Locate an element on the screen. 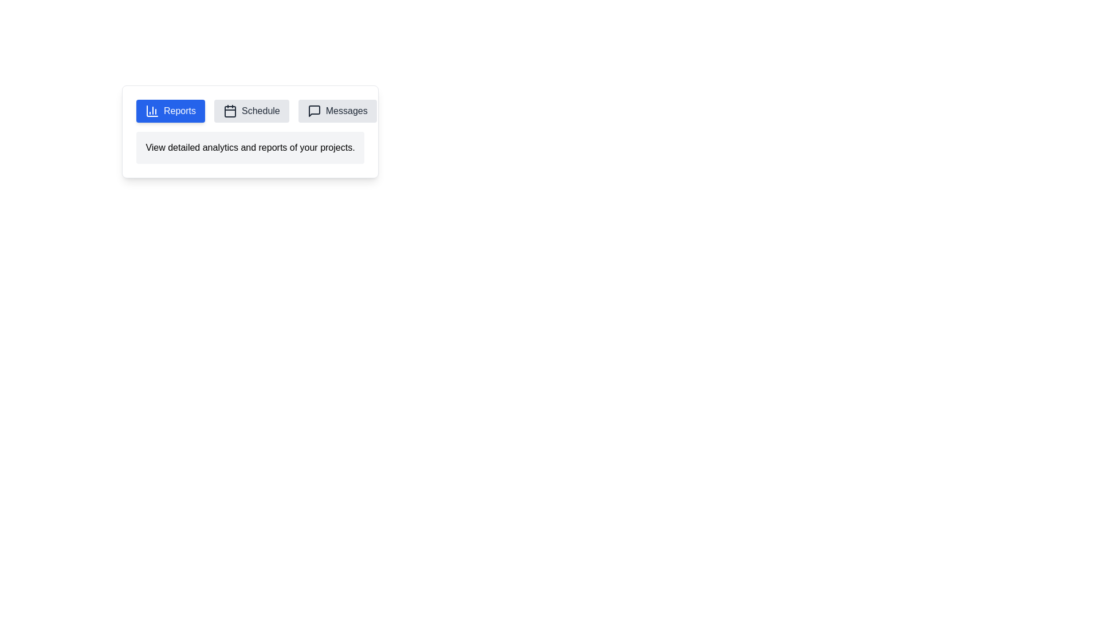 This screenshot has height=619, width=1100. the tab labeled Reports is located at coordinates (170, 111).